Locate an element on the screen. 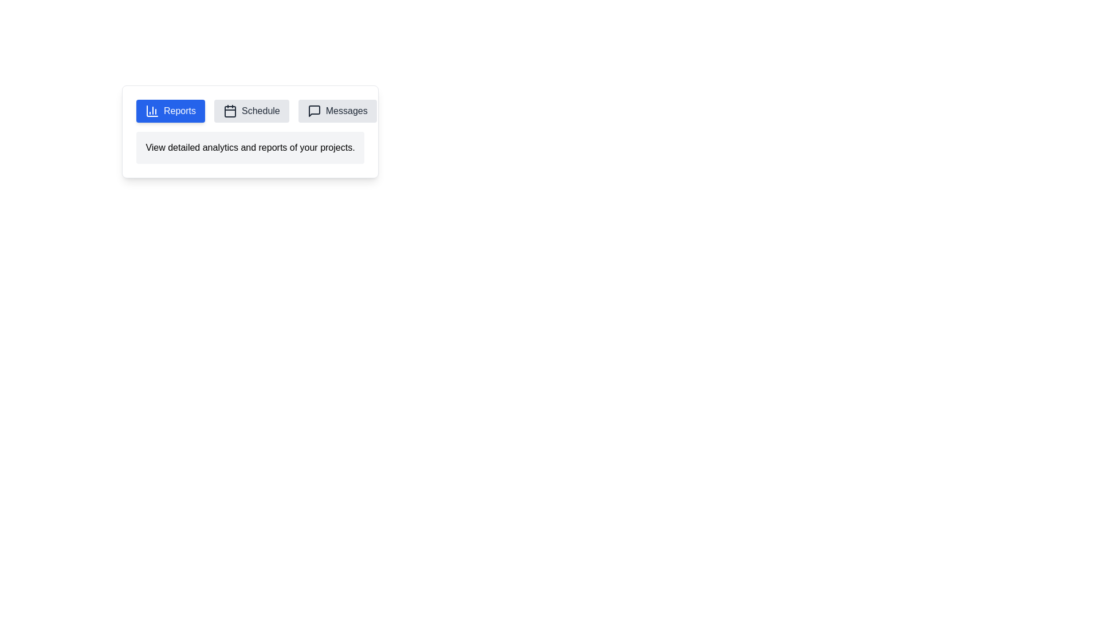 This screenshot has height=619, width=1100. the tab labeled Reports is located at coordinates (170, 111).